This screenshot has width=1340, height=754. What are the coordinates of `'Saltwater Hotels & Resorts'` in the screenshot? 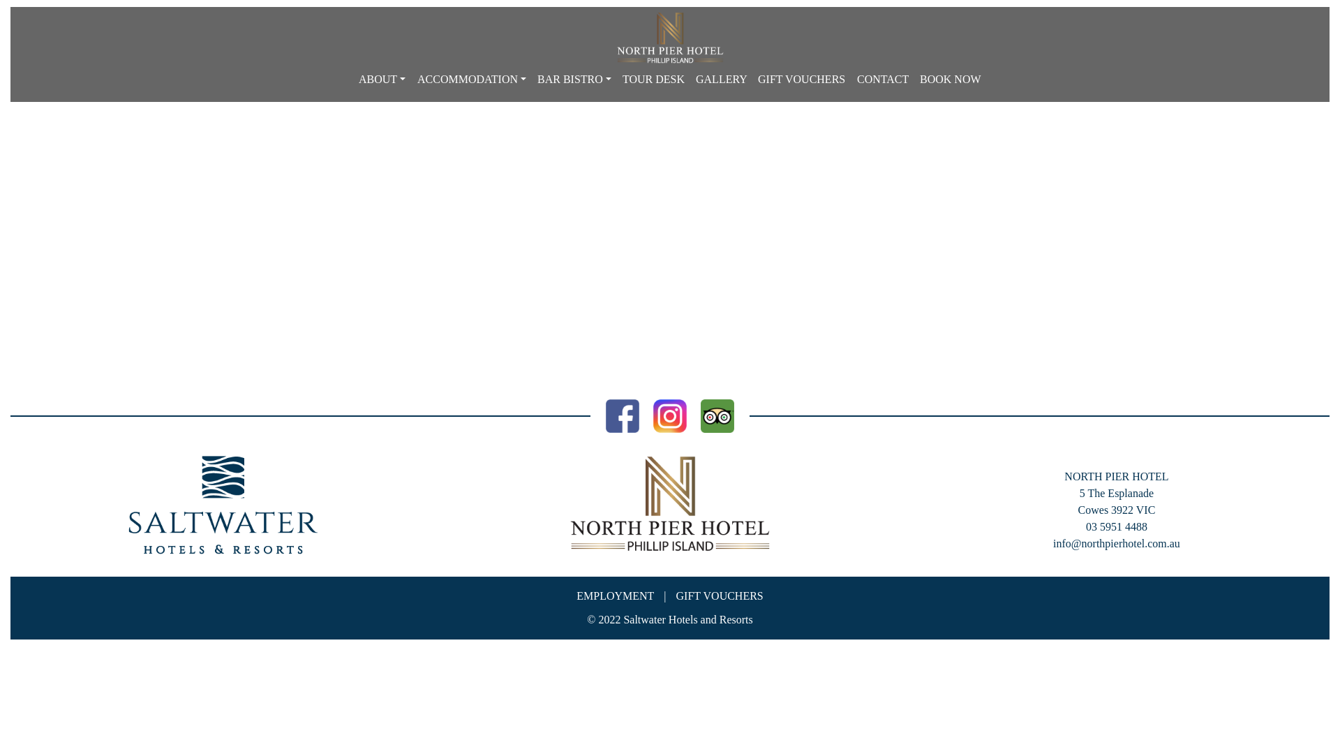 It's located at (223, 504).